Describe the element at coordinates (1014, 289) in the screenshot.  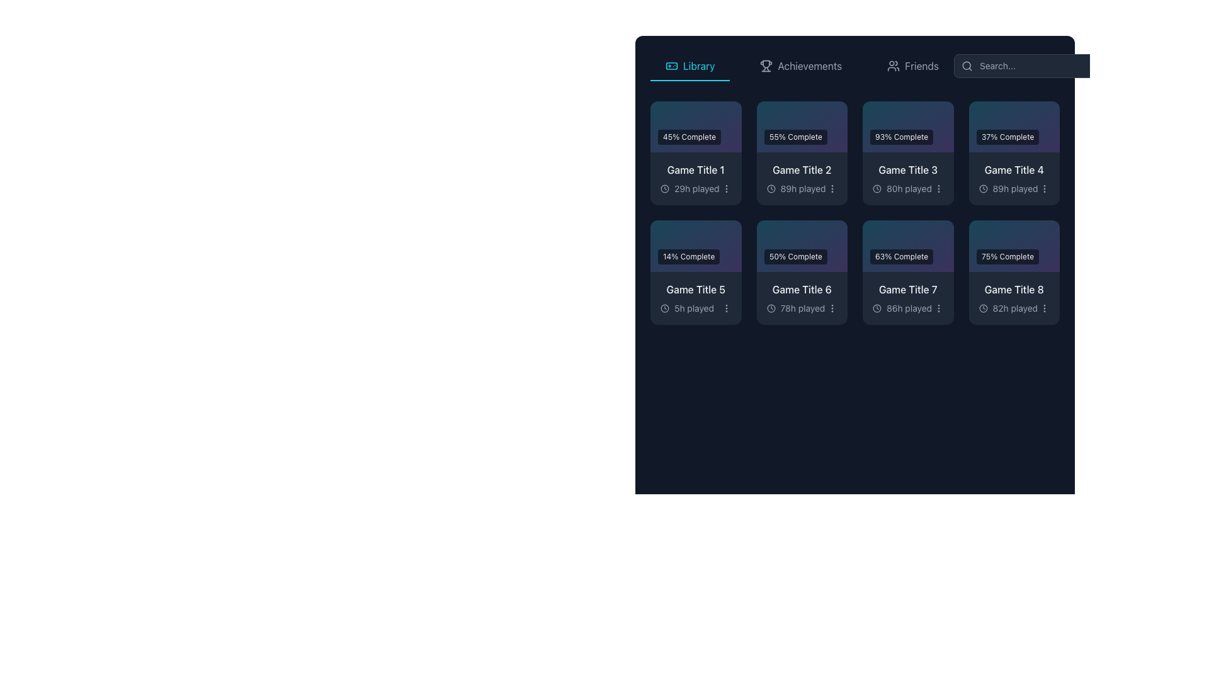
I see `the static text label displaying 'Game Title 8', which is styled with a medium-weight font and located in the last card of the rightmost column in a grid layout` at that location.